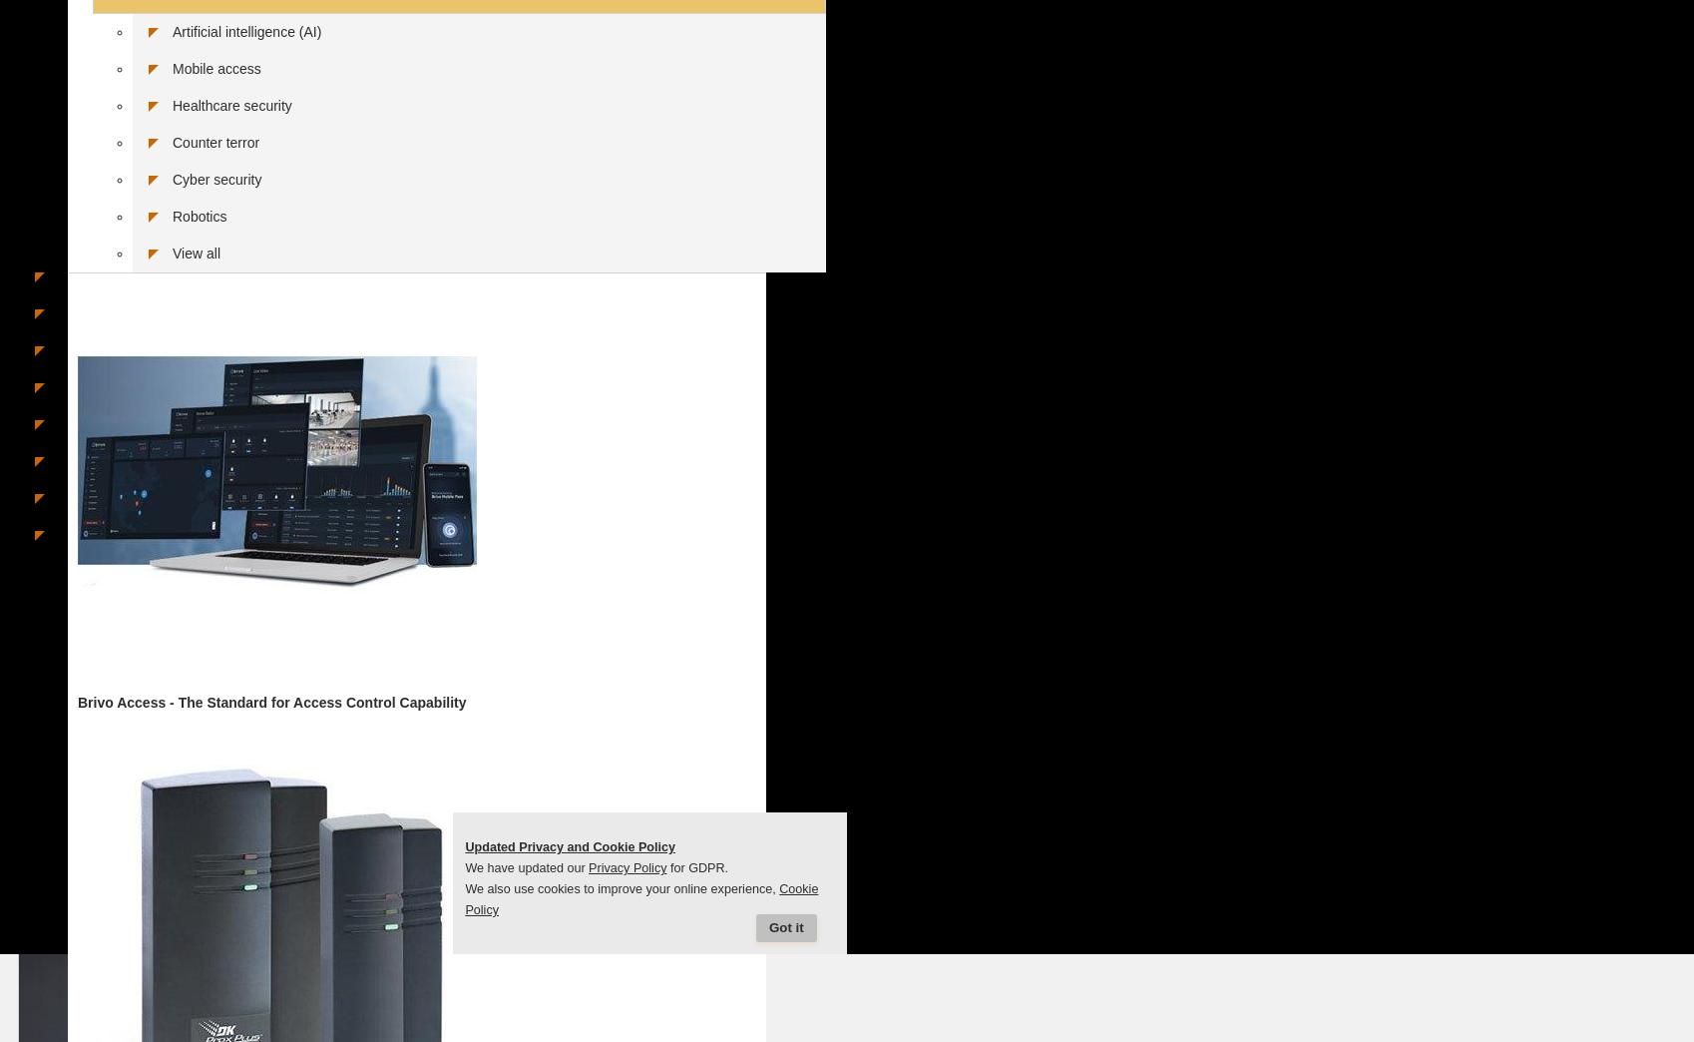 The height and width of the screenshot is (1042, 1694). What do you see at coordinates (463, 845) in the screenshot?
I see `'Updated Privacy and Cookie Policy'` at bounding box center [463, 845].